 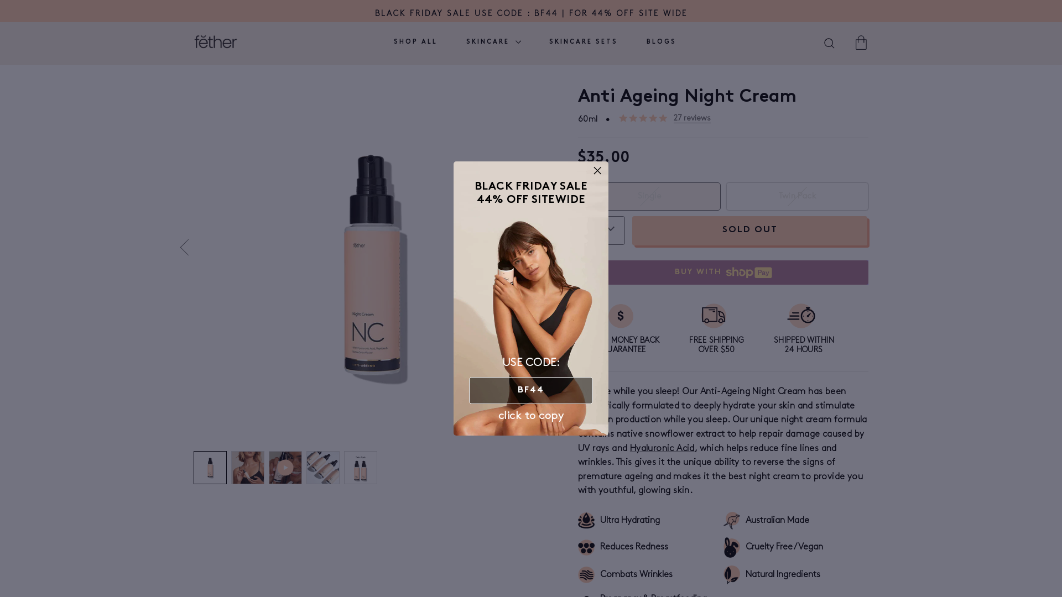 What do you see at coordinates (829, 43) in the screenshot?
I see `'SEARCH'` at bounding box center [829, 43].